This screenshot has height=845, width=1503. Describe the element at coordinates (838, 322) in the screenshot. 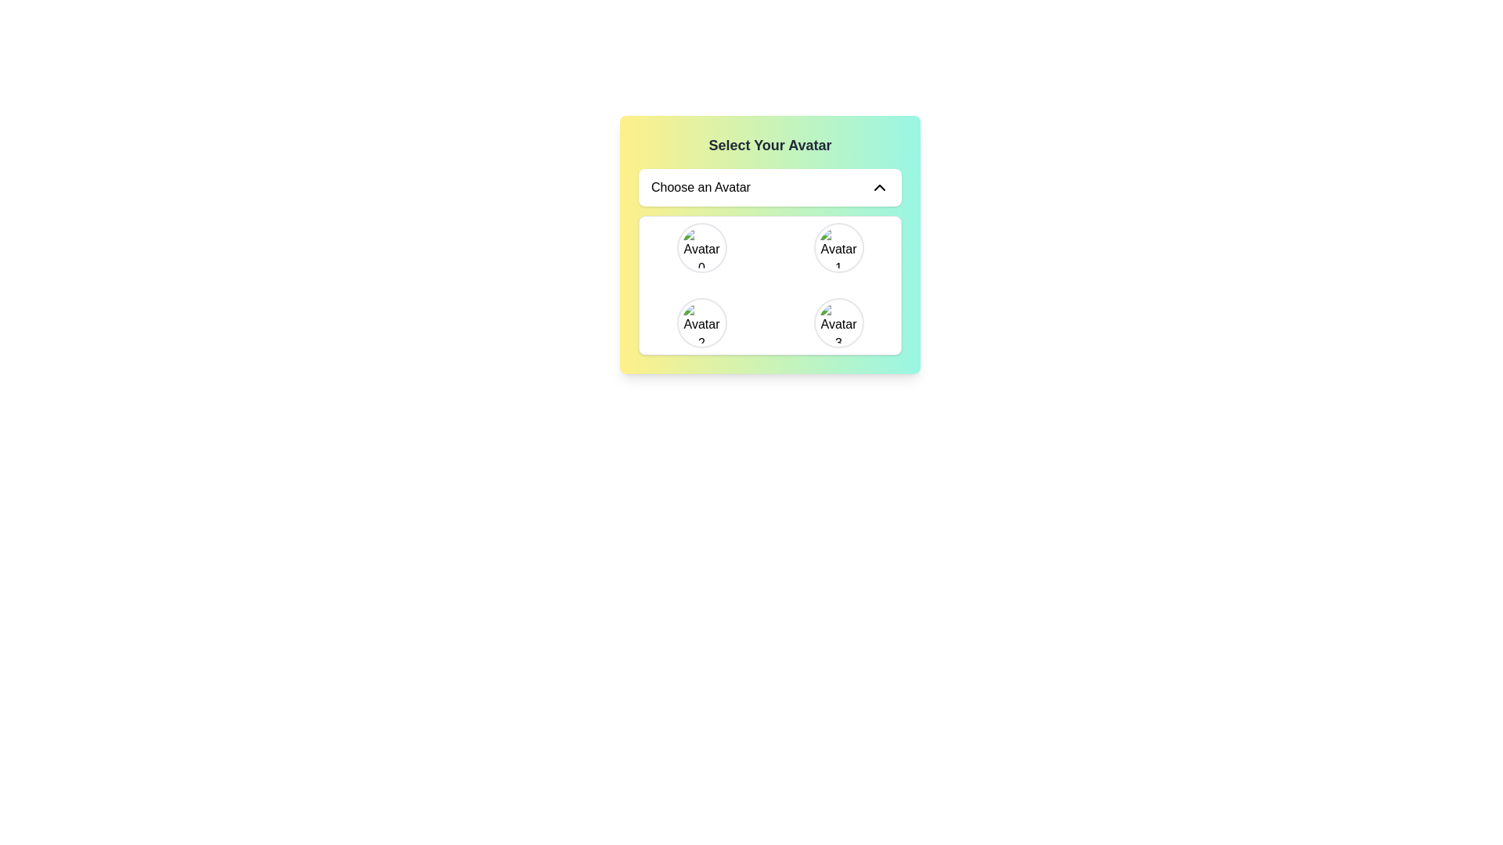

I see `the 'Avatar 3' selection item located in the bottom-right slot of the 'Select Your Avatar' card layout` at that location.